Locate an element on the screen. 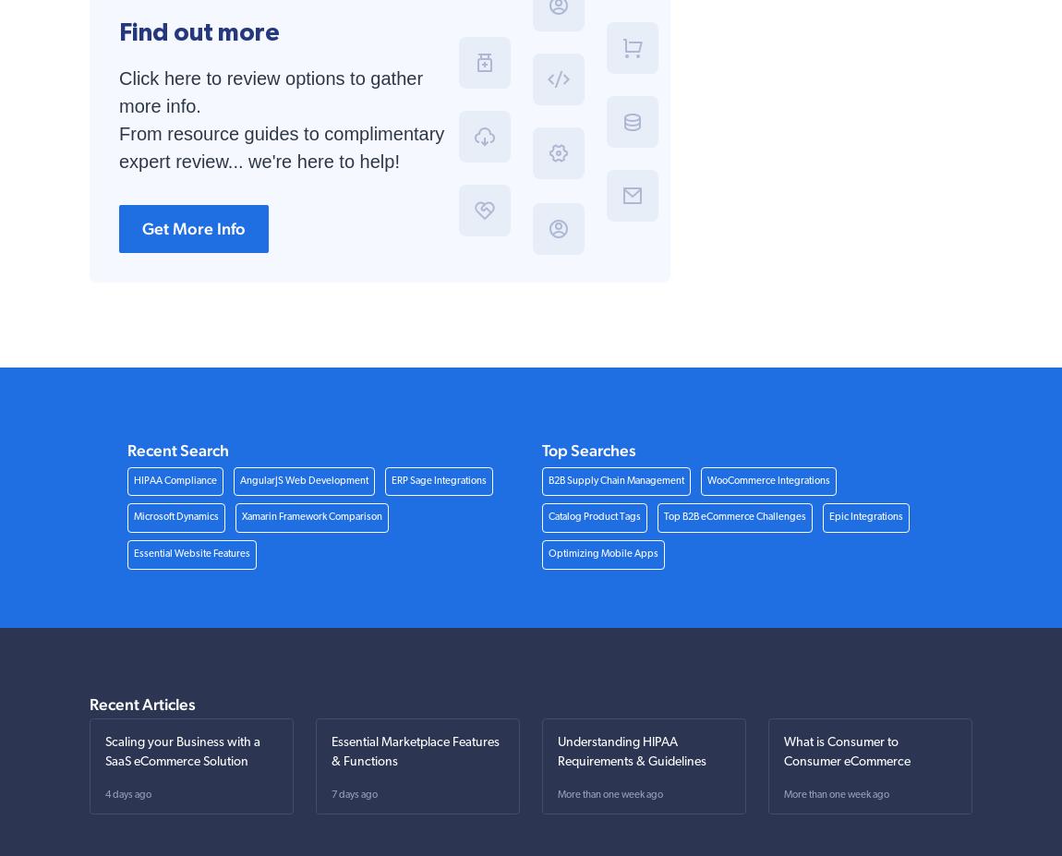  'Top Searches' is located at coordinates (586, 449).